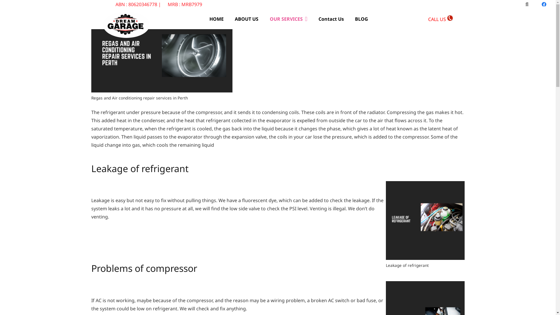 This screenshot has width=560, height=315. What do you see at coordinates (246, 19) in the screenshot?
I see `'ABOUT US'` at bounding box center [246, 19].